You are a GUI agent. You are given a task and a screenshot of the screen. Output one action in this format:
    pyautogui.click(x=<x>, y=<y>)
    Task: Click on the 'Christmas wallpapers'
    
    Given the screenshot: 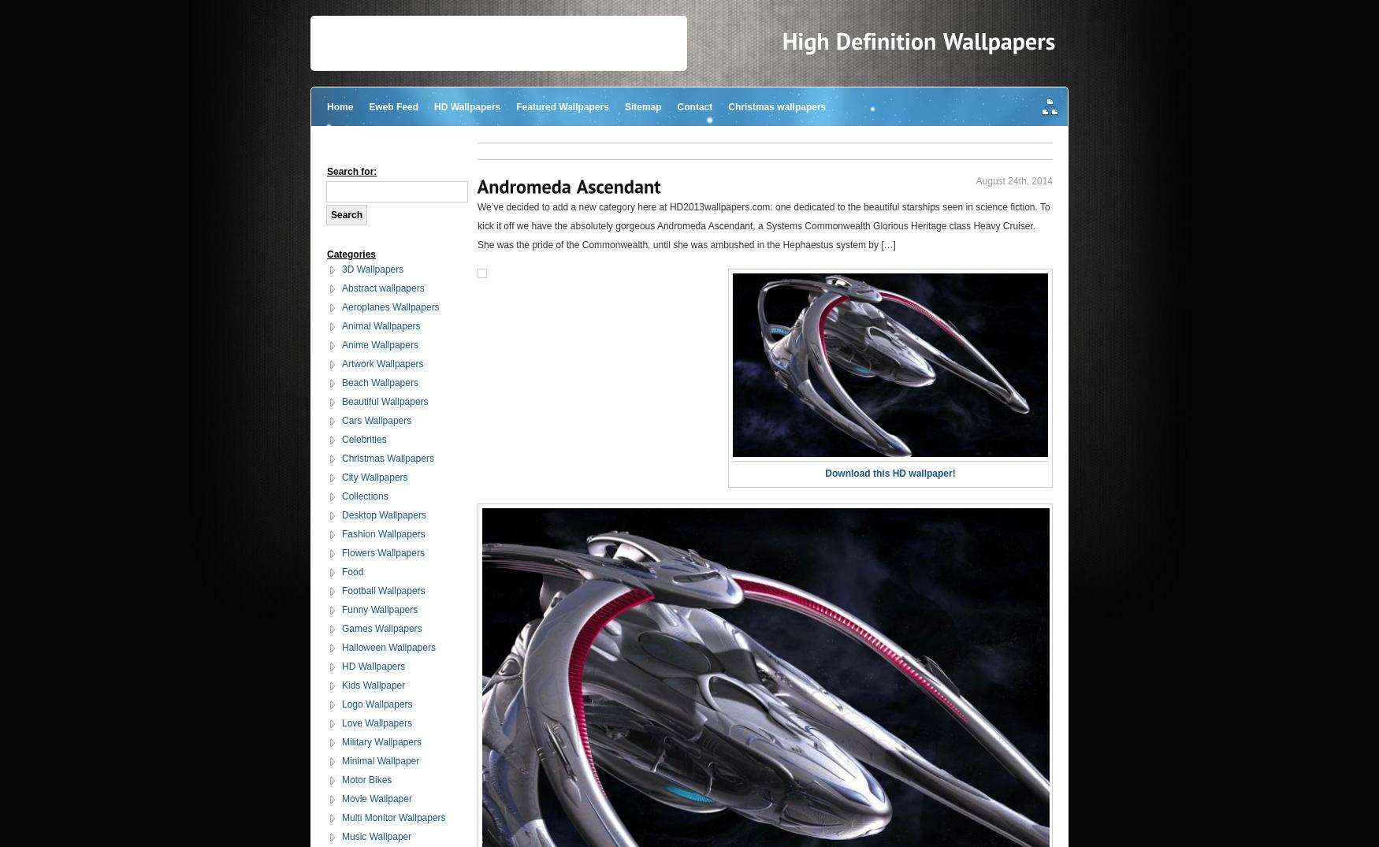 What is the action you would take?
    pyautogui.click(x=776, y=106)
    